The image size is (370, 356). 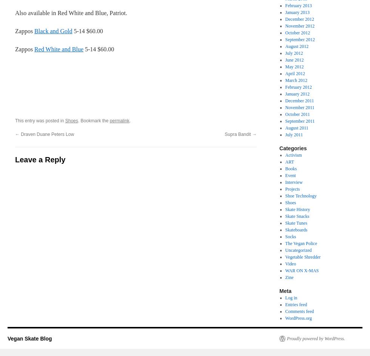 I want to click on 'Shoe Technology', so click(x=301, y=196).